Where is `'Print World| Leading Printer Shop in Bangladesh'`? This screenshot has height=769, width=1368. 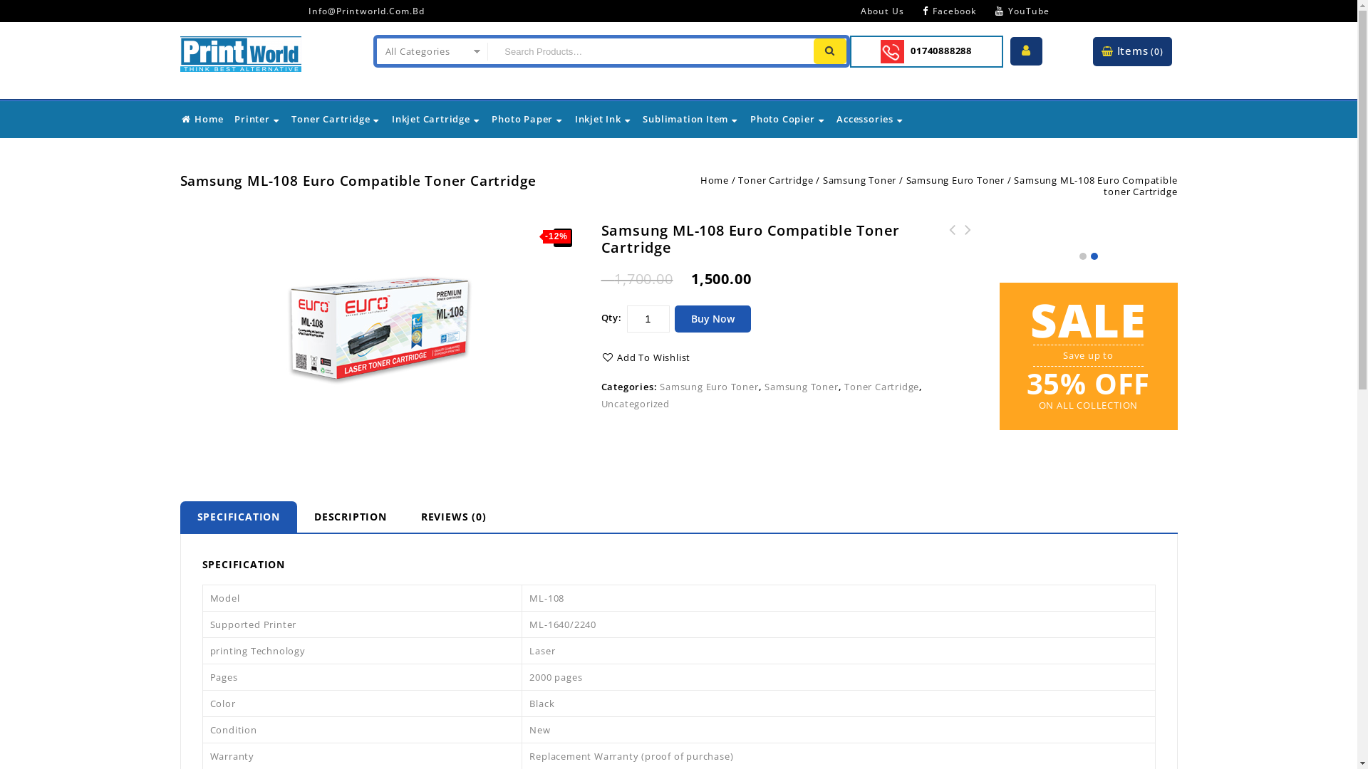 'Print World| Leading Printer Shop in Bangladesh' is located at coordinates (179, 51).